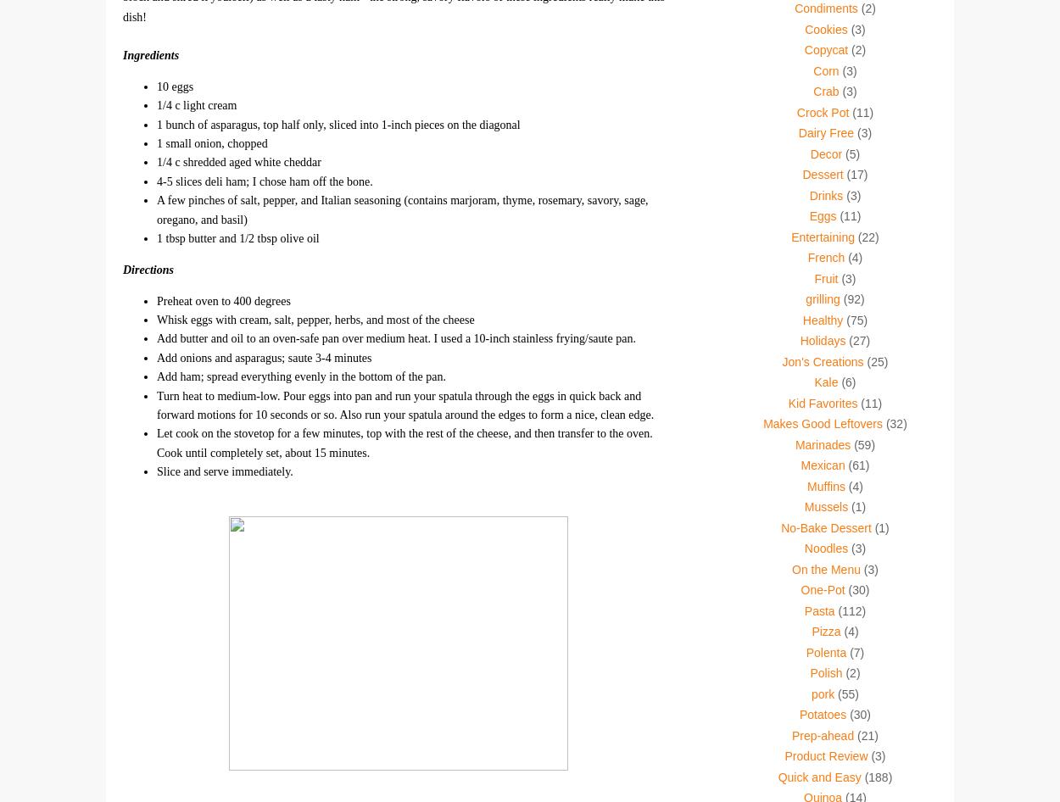  Describe the element at coordinates (237, 237) in the screenshot. I see `'1 tbsp butter and 1/2 tbsp olive oil'` at that location.